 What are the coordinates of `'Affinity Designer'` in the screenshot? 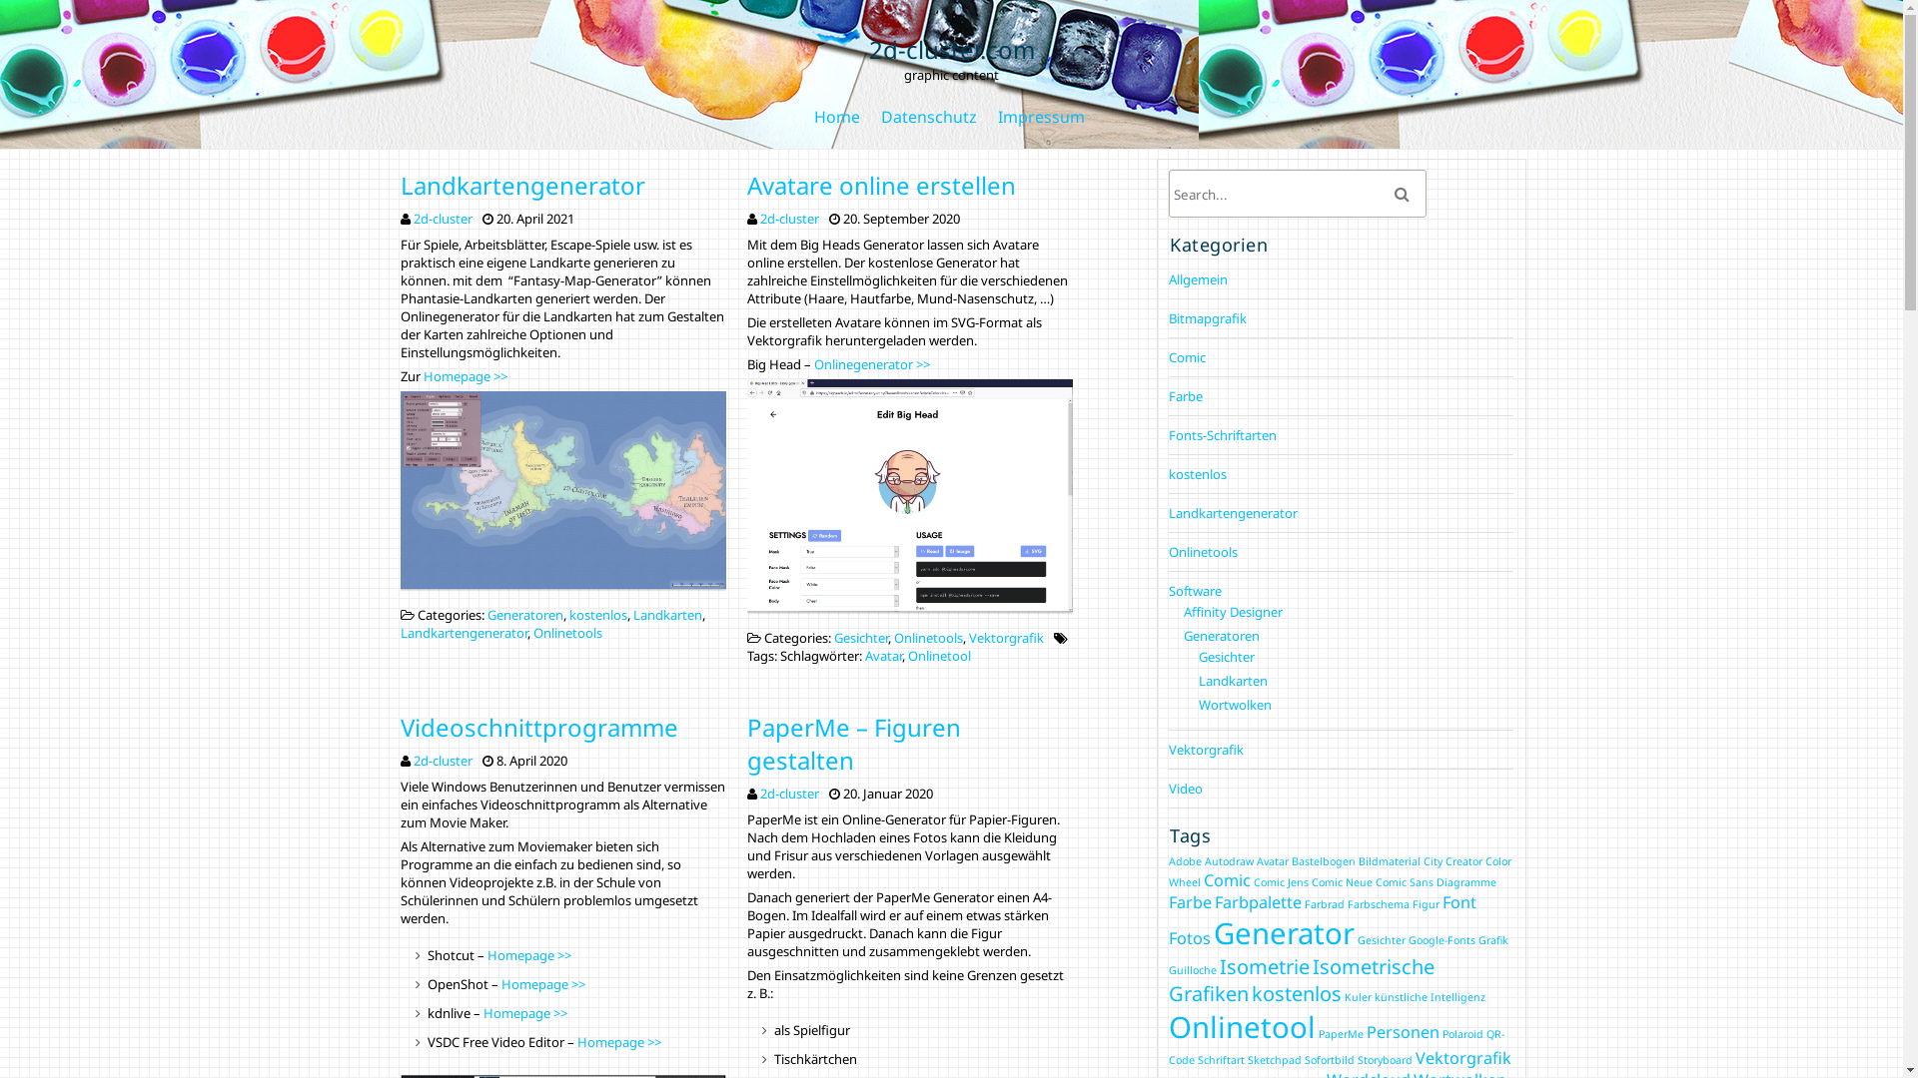 It's located at (1232, 611).